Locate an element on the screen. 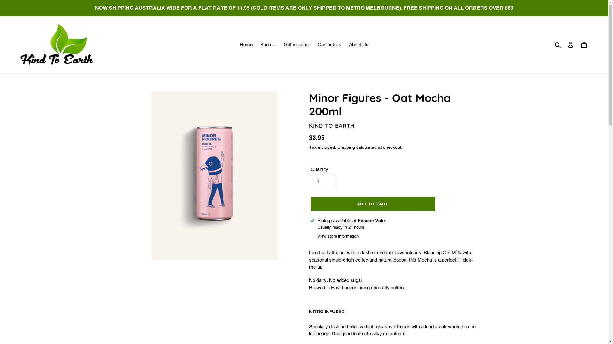 This screenshot has height=344, width=613. 'View store information' is located at coordinates (317, 236).